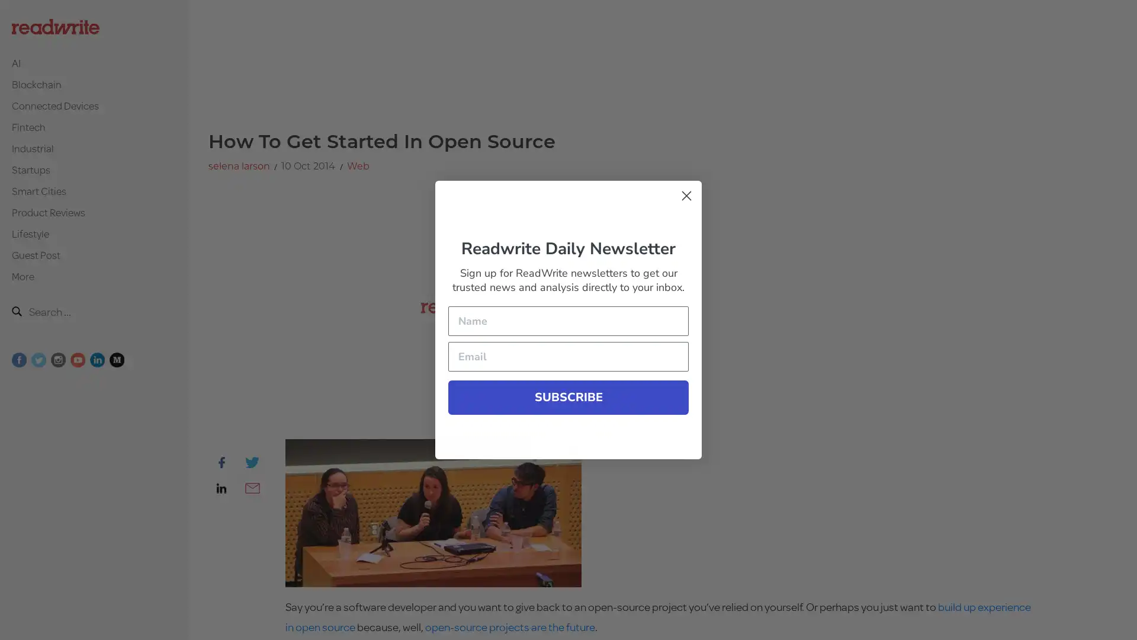 The width and height of the screenshot is (1137, 640). I want to click on Close form, so click(686, 195).